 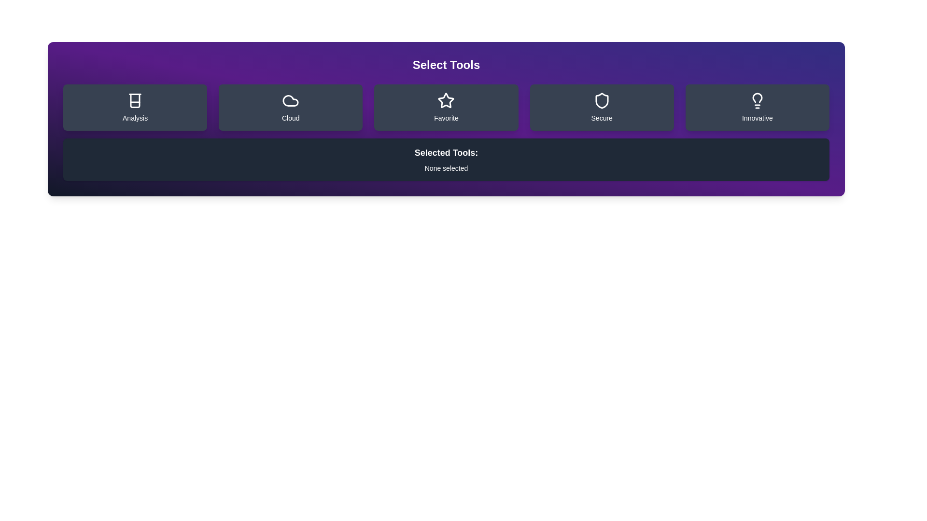 What do you see at coordinates (601, 100) in the screenshot?
I see `the shield icon located in the fourth button from the left in a series of five horizontally arranged buttons, positioned between the 'Favorite' and 'Innovative' buttons in the toolbar` at bounding box center [601, 100].